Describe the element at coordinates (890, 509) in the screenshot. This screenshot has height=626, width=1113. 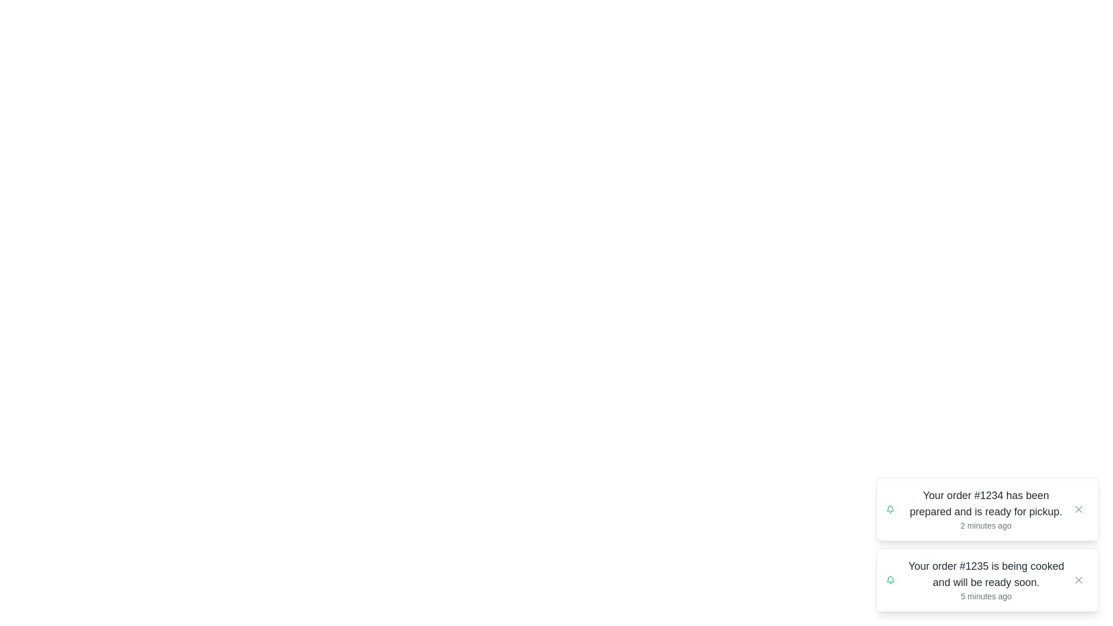
I see `the first icon in the notification panel that indicates an alert for the message 'Your order #1234 has been prepared and is ready for pickup.'` at that location.